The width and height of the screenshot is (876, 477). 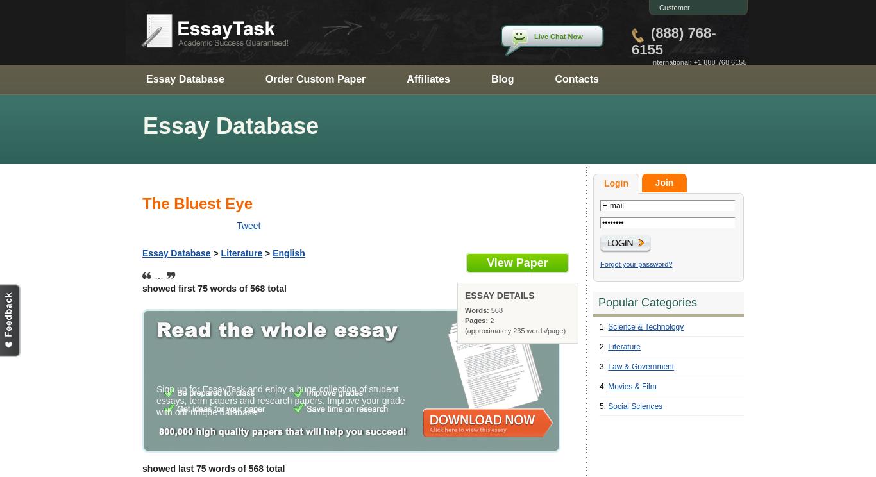 What do you see at coordinates (648, 301) in the screenshot?
I see `'Popular Categories'` at bounding box center [648, 301].